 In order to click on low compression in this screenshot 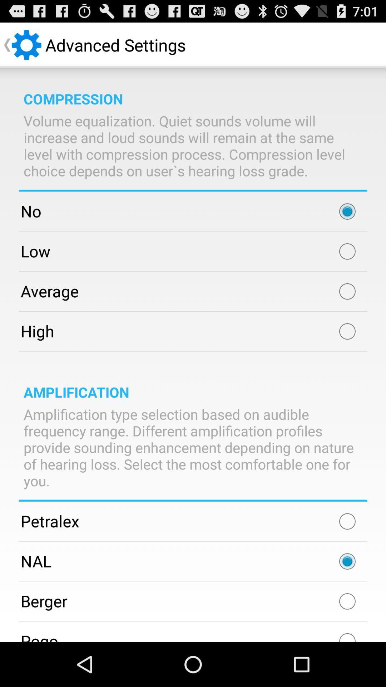, I will do `click(347, 251)`.